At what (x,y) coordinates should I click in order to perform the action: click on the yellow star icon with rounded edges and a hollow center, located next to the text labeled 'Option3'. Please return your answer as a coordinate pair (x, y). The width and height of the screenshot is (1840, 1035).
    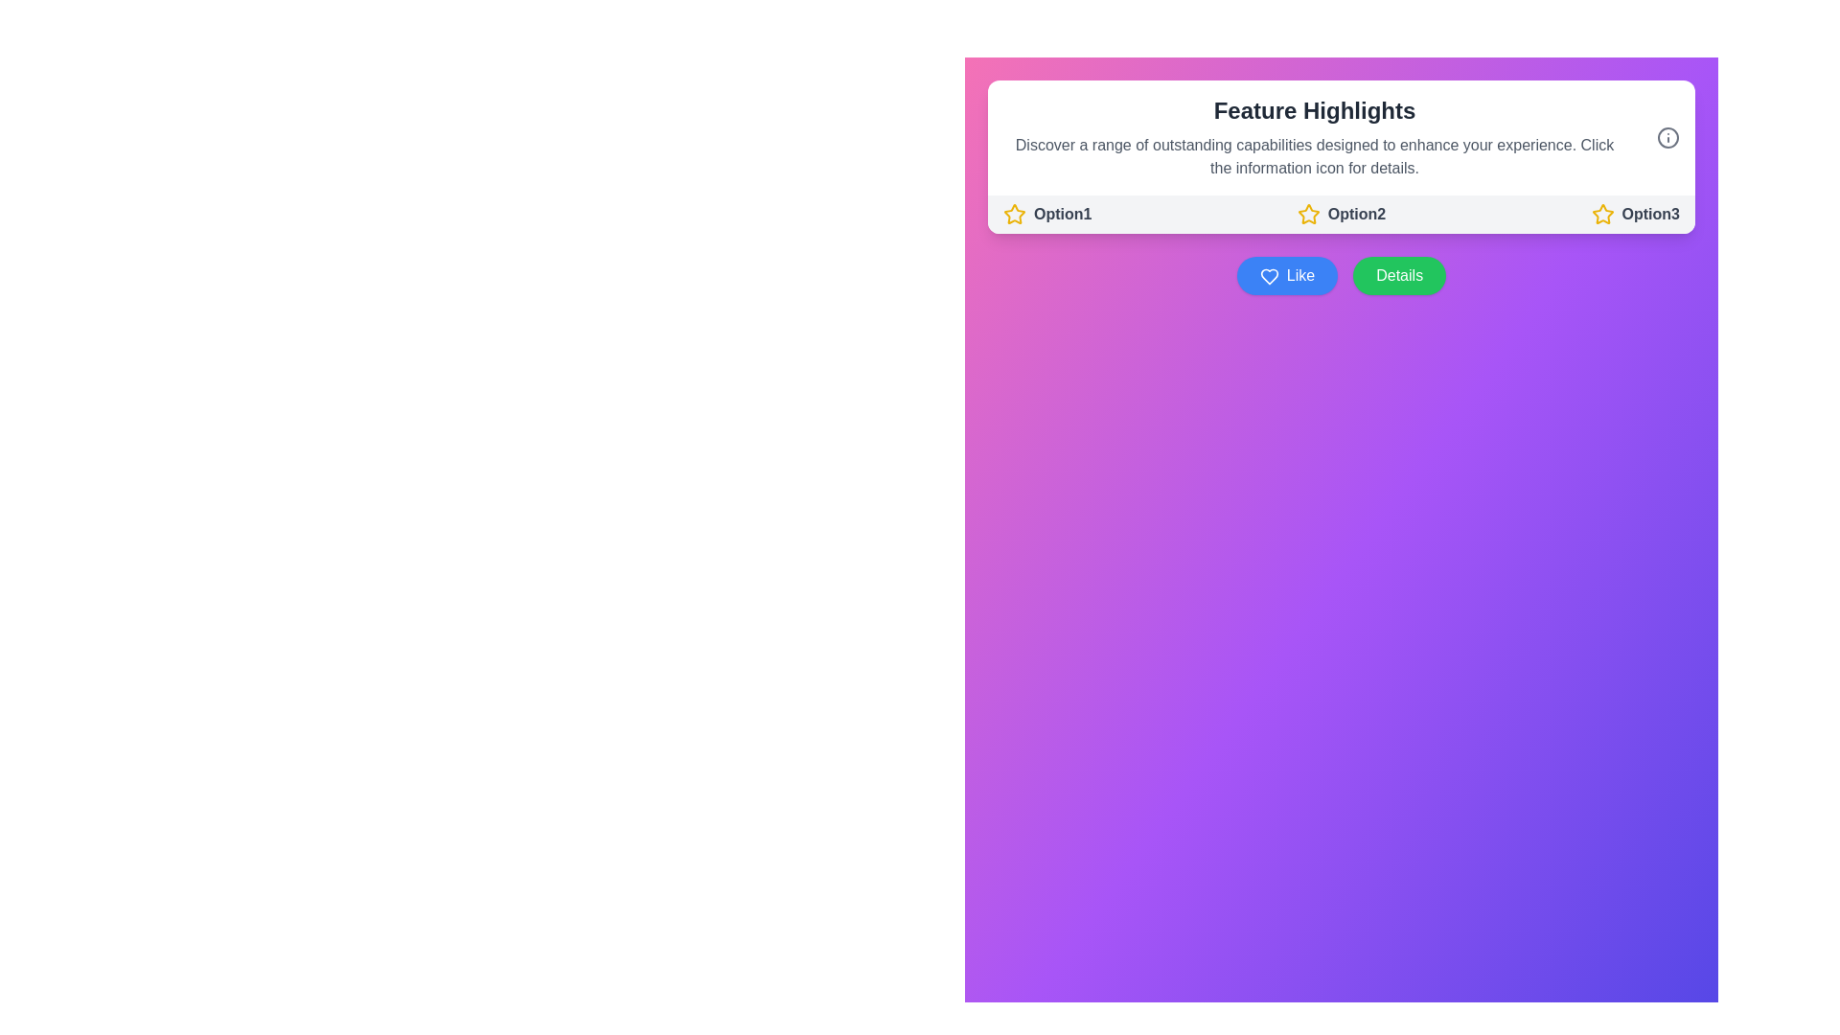
    Looking at the image, I should click on (1602, 214).